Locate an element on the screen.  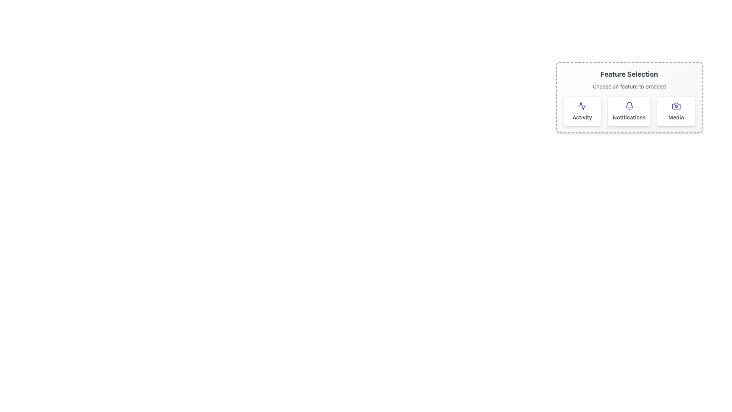
the indigo camera icon located in the 'Media' section is located at coordinates (676, 106).